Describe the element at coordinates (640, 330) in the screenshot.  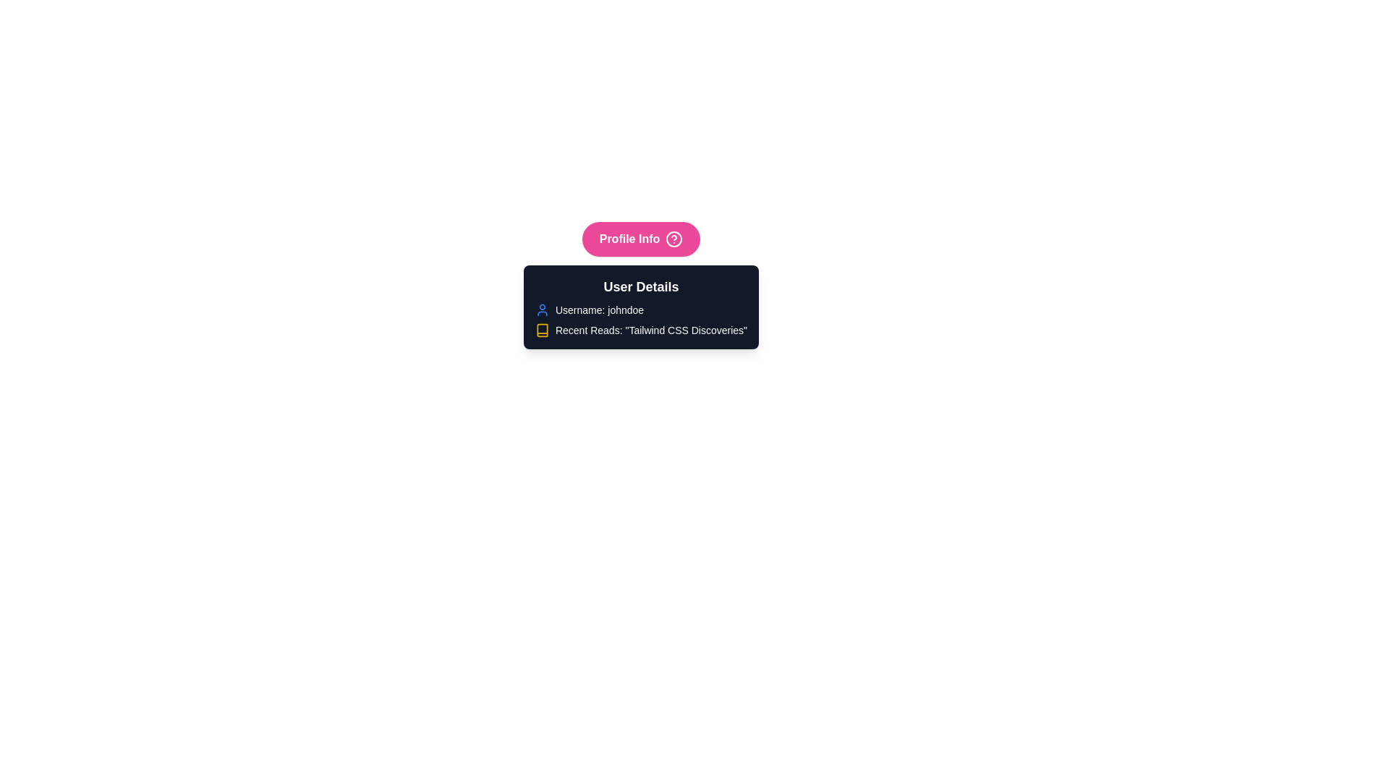
I see `the Descriptive Text with Icon located in the 'User Details' card, which provides information about the user's recent readings or interests` at that location.